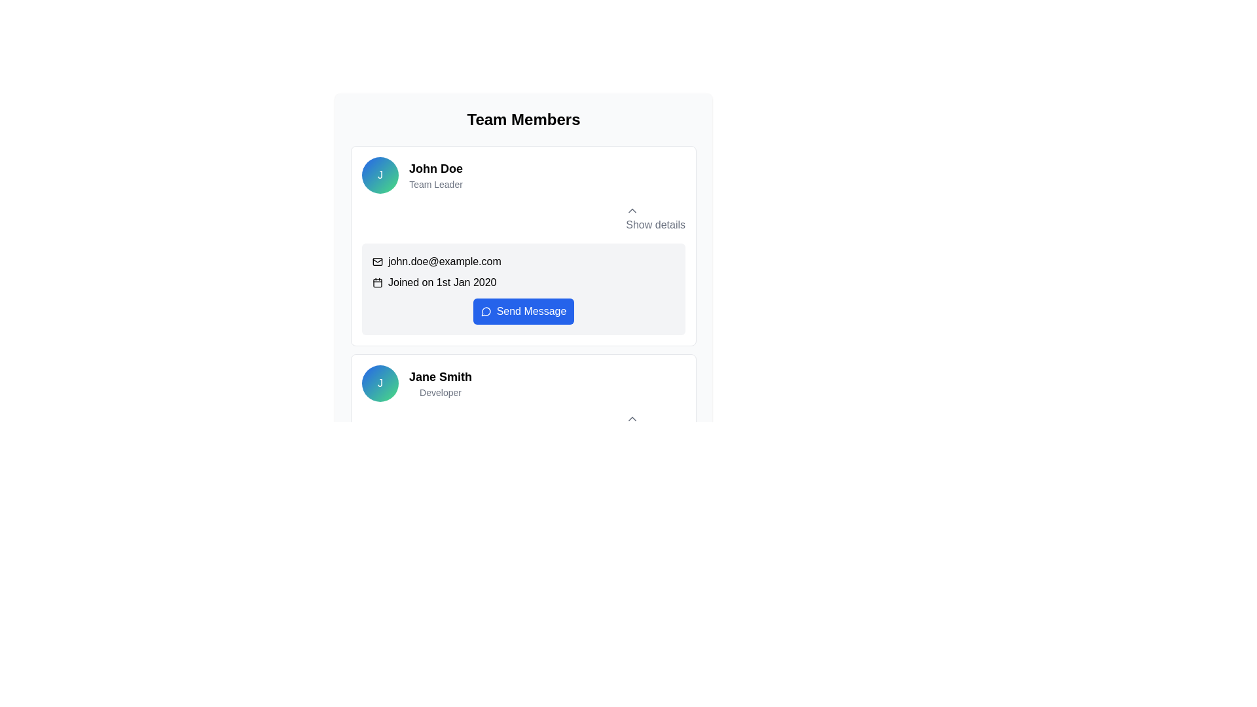  Describe the element at coordinates (376, 282) in the screenshot. I see `the small calendar icon located to the left of the text 'Joined on 1st Jan 2020', which has a thin black outline design` at that location.